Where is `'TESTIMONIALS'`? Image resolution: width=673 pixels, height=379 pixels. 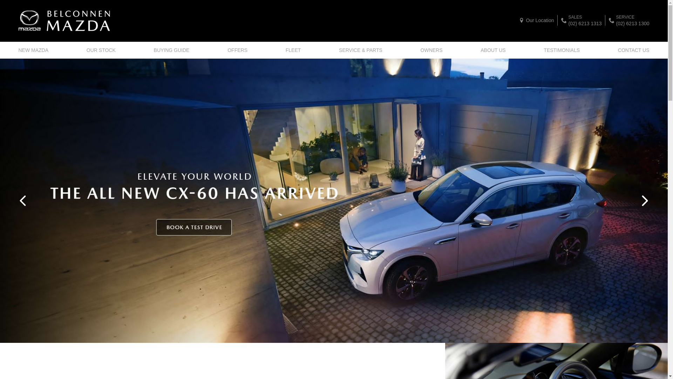
'TESTIMONIALS' is located at coordinates (562, 49).